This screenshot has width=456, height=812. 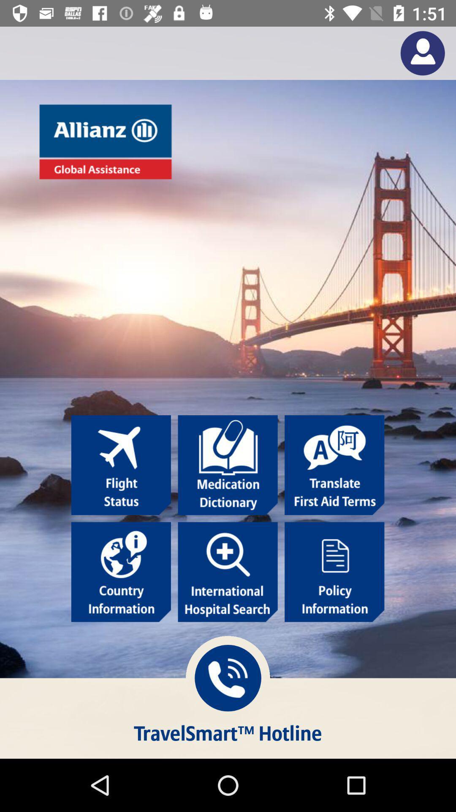 What do you see at coordinates (423, 52) in the screenshot?
I see `the contact` at bounding box center [423, 52].